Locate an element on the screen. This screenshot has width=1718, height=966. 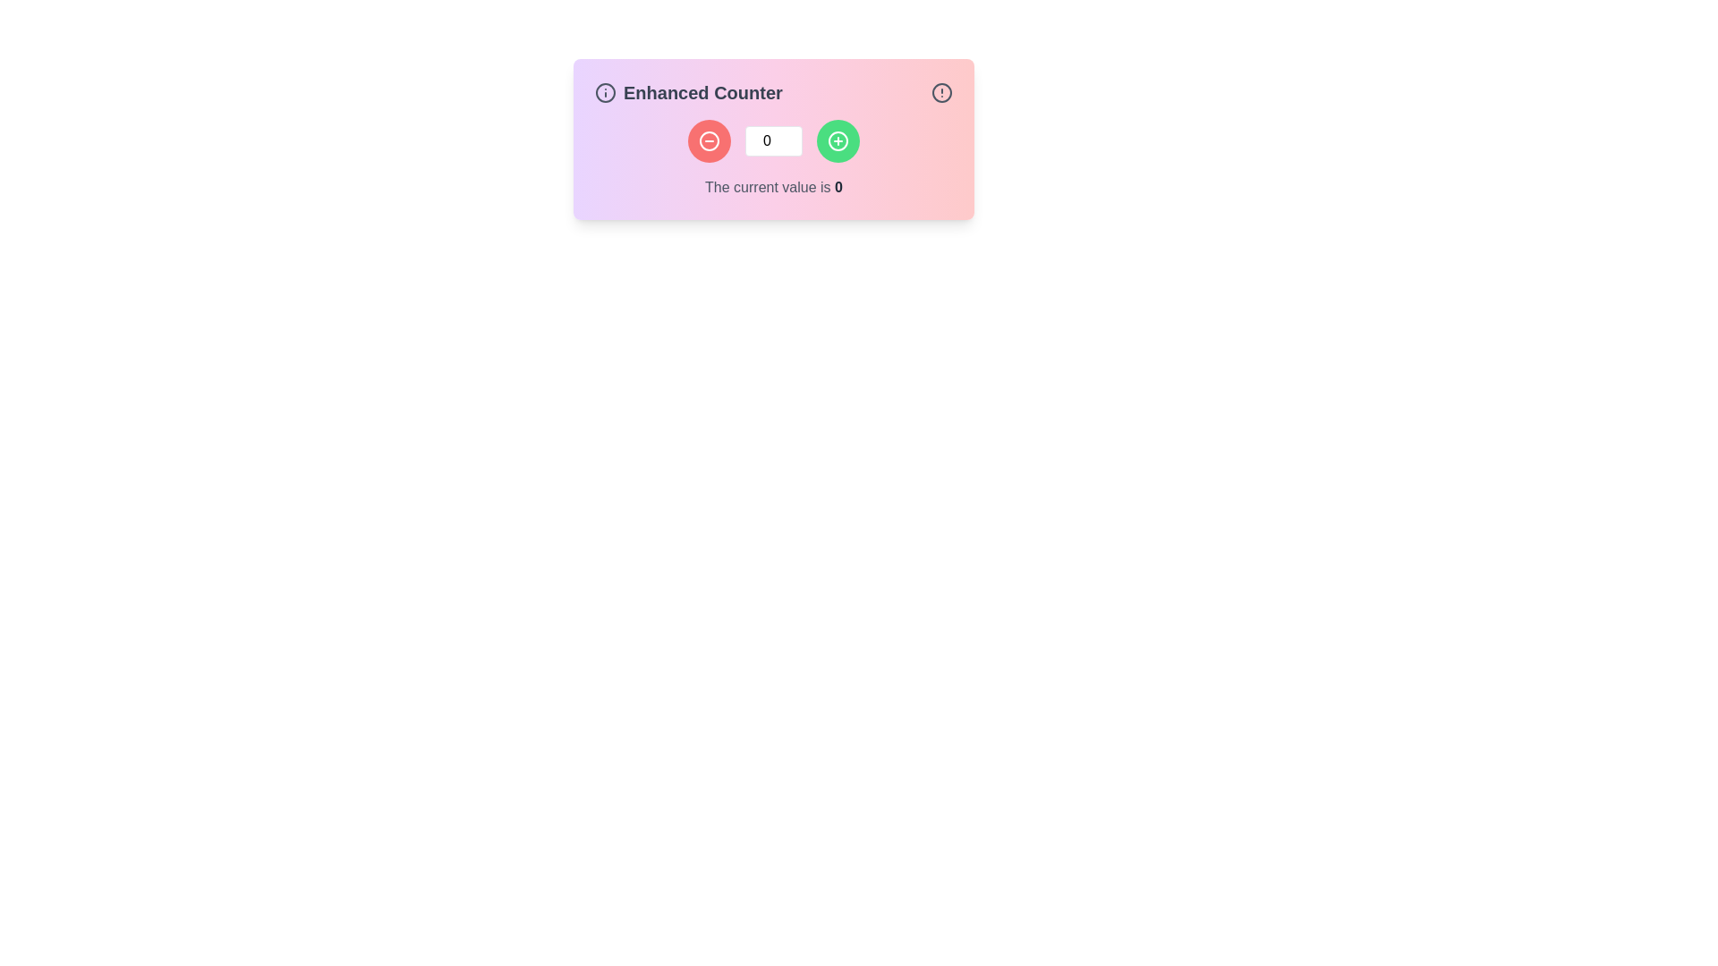
the add button located in the 'Enhanced Counter' card, to the right of the numeric input field is located at coordinates (837, 140).